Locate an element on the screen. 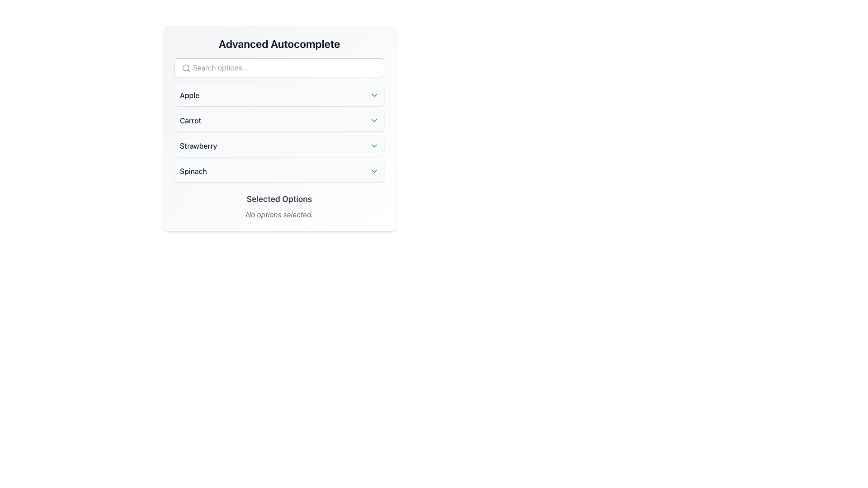 The image size is (868, 488). the first selectable option labeled 'Apple' in the dropdown list, which is positioned below the search bar is located at coordinates (279, 95).